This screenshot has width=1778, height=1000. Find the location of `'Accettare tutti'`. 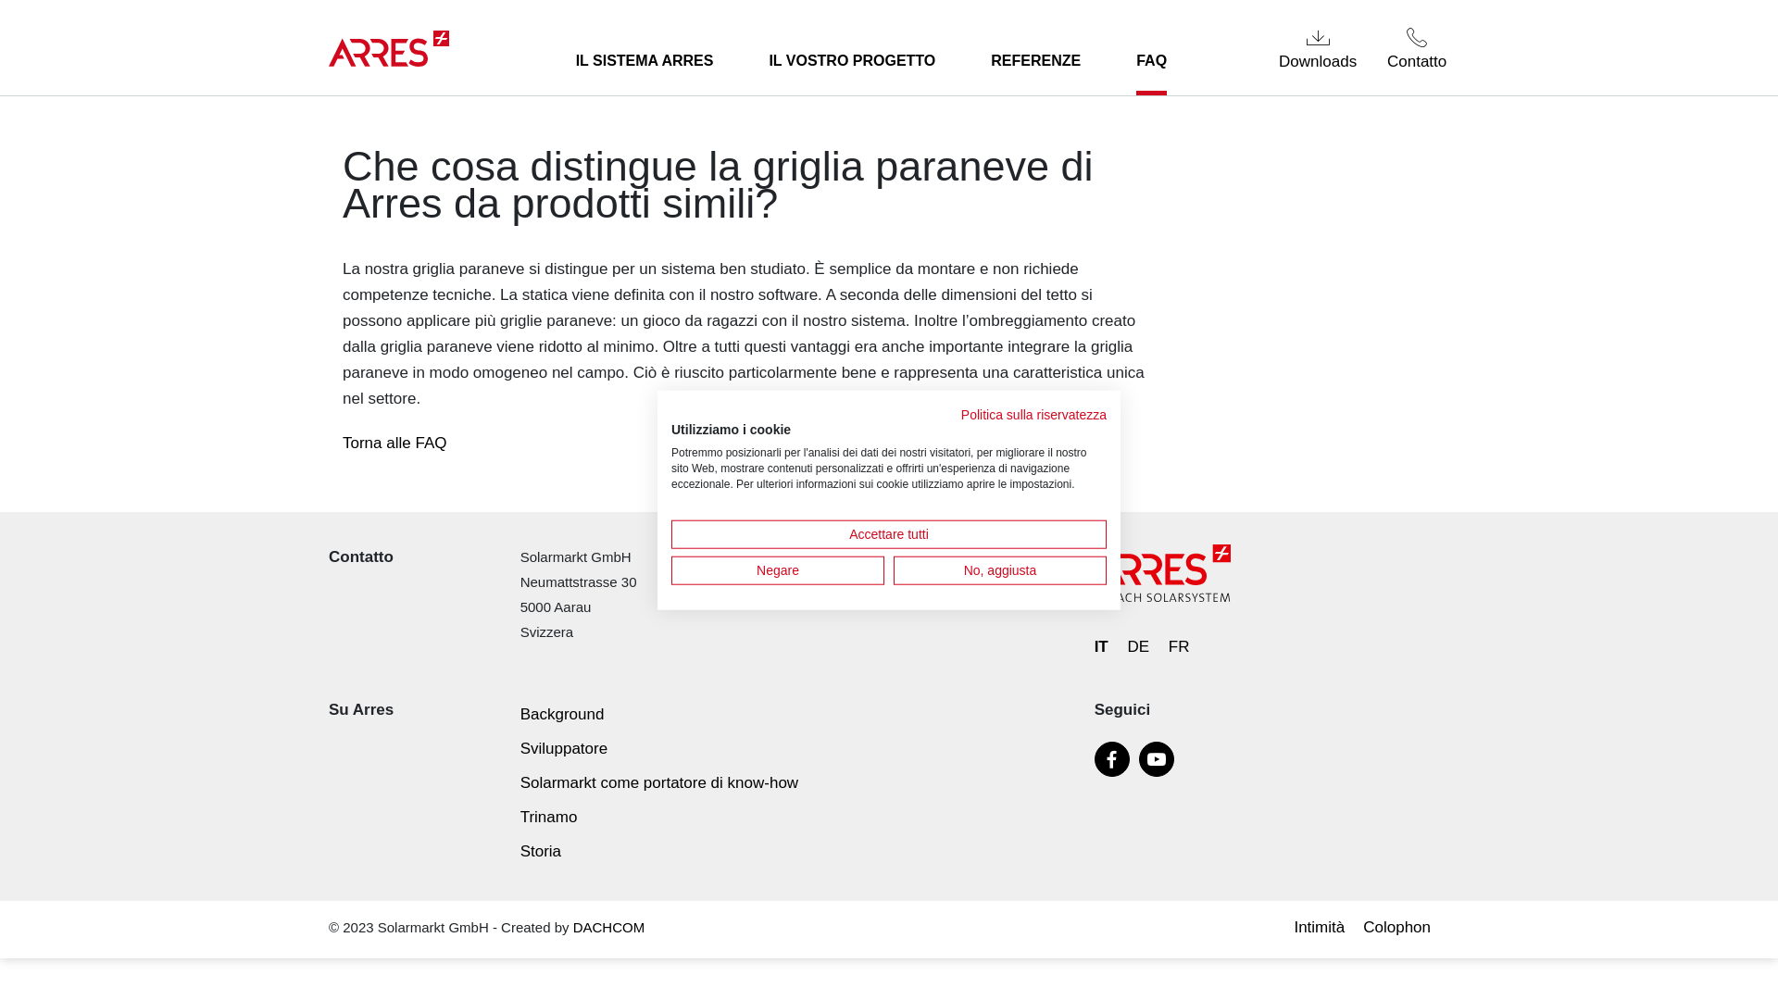

'Accettare tutti' is located at coordinates (889, 533).